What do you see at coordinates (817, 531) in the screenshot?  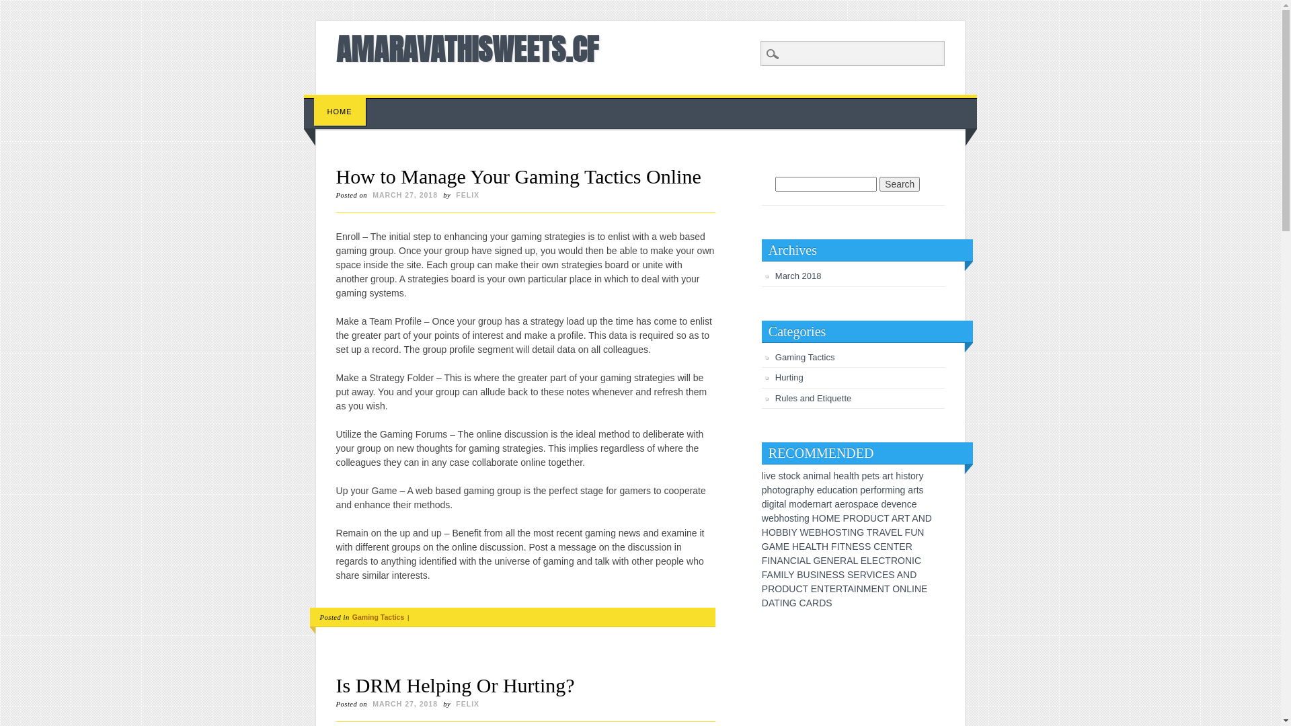 I see `'B'` at bounding box center [817, 531].